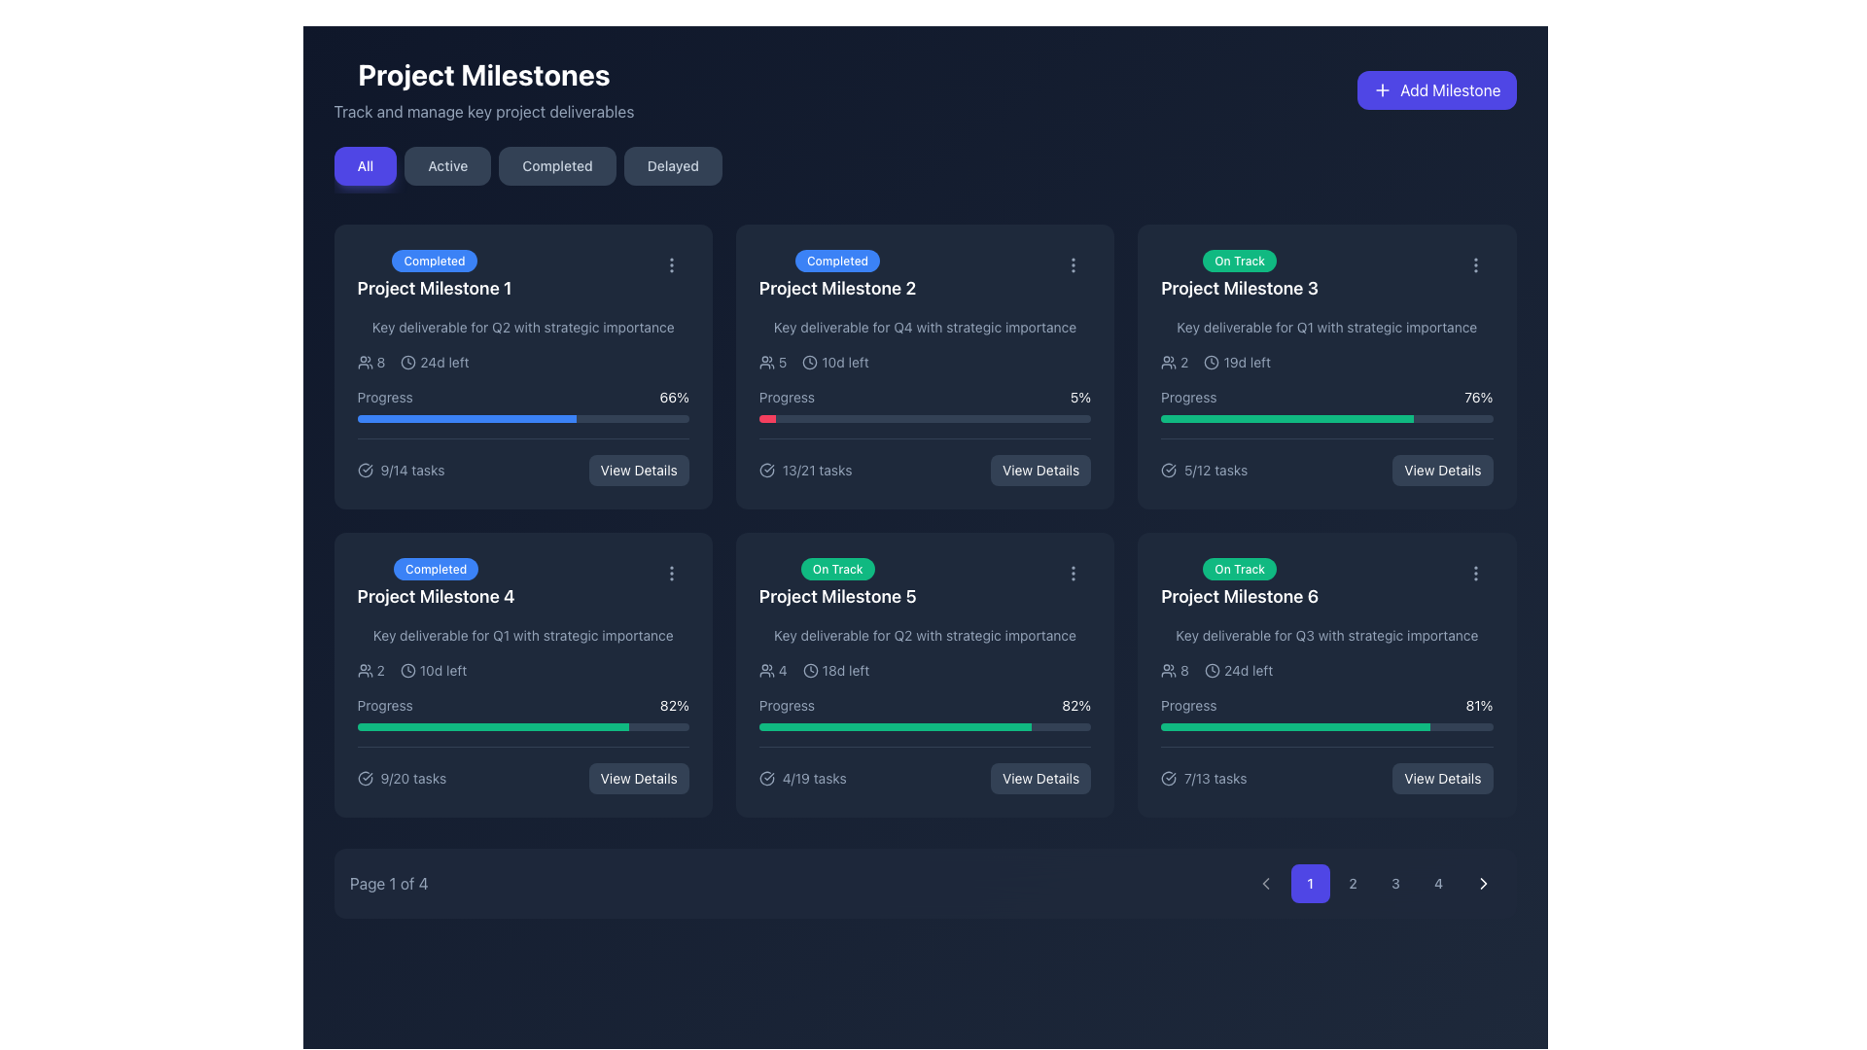 This screenshot has width=1867, height=1050. Describe the element at coordinates (365, 778) in the screenshot. I see `the progress icon located in the bottom section of the 'Project Milestone 4' card, positioned to the left of the '9/20 tasks' text` at that location.